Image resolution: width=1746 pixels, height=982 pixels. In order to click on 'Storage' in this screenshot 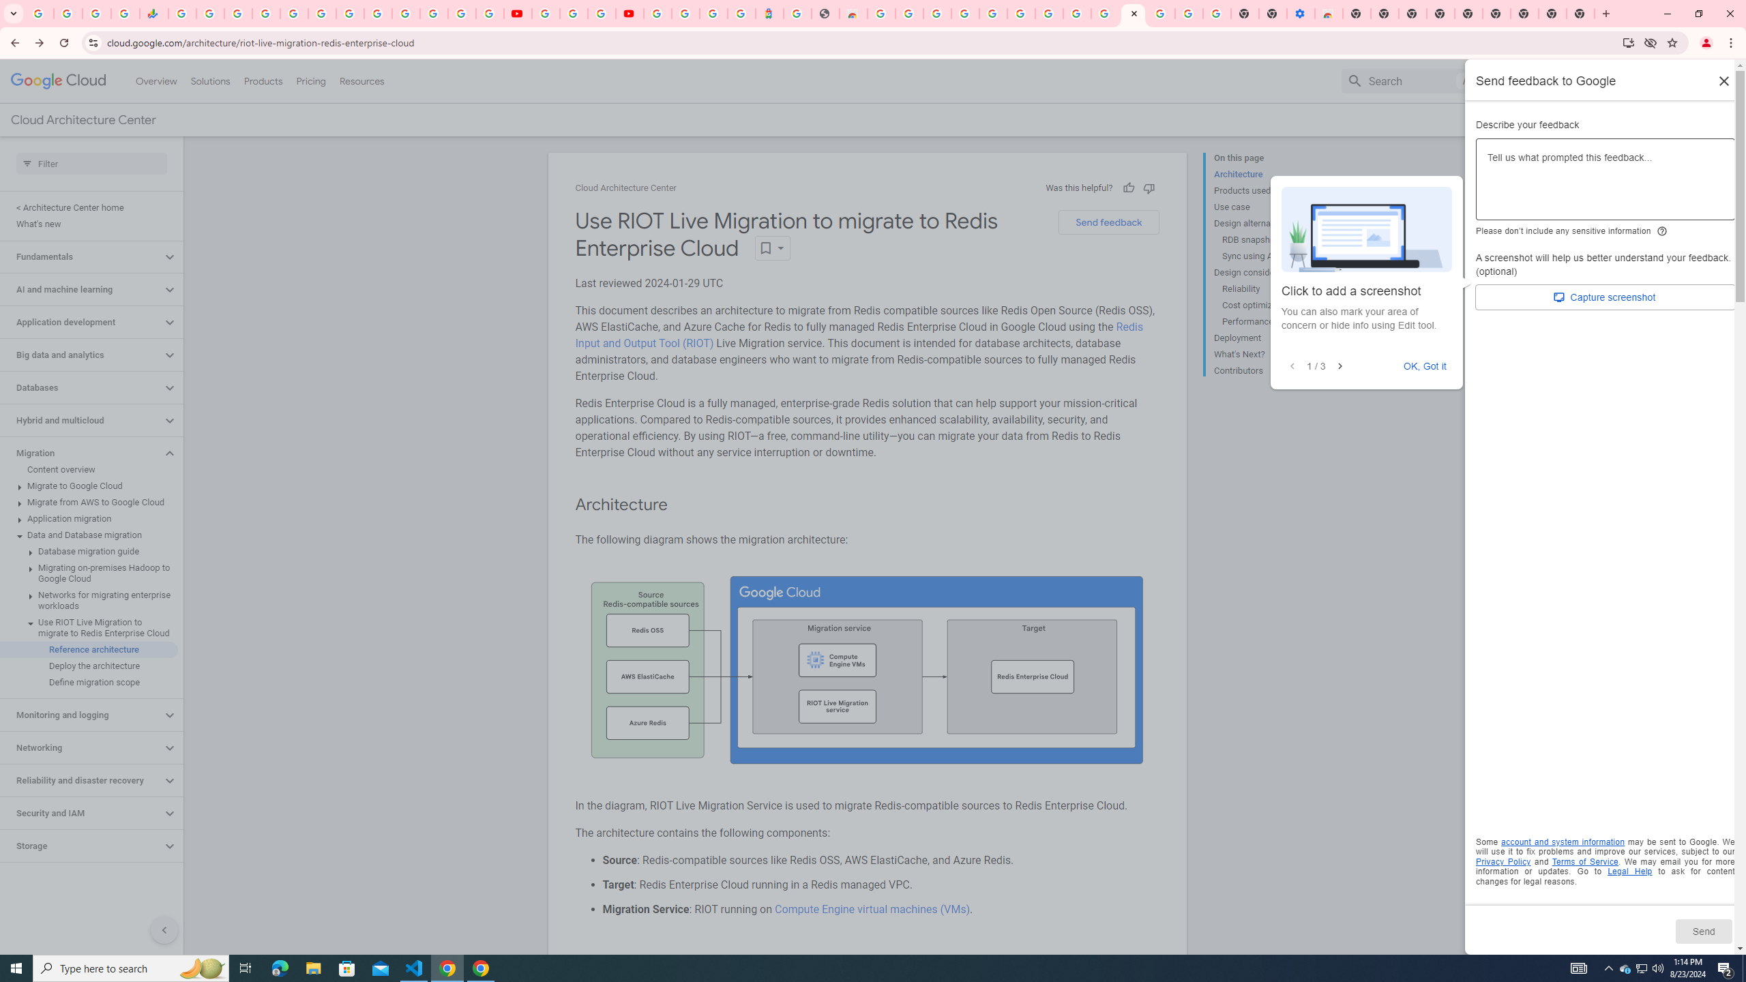, I will do `click(80, 846)`.